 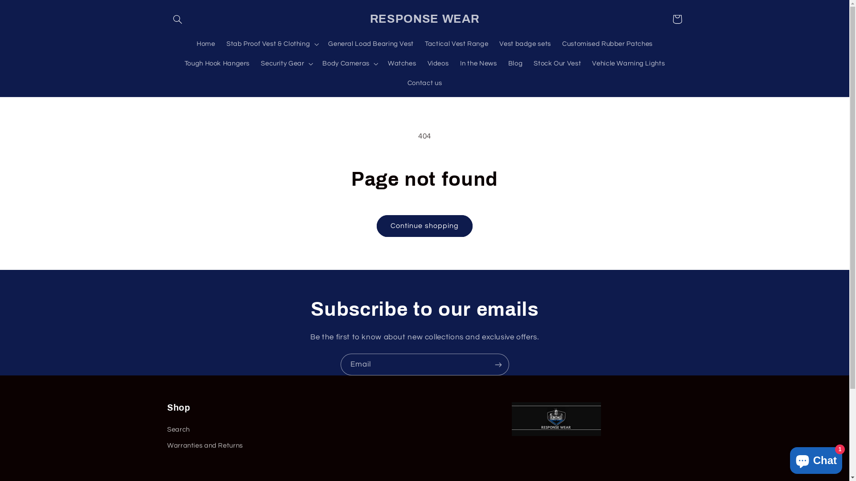 What do you see at coordinates (178, 430) in the screenshot?
I see `'Search'` at bounding box center [178, 430].